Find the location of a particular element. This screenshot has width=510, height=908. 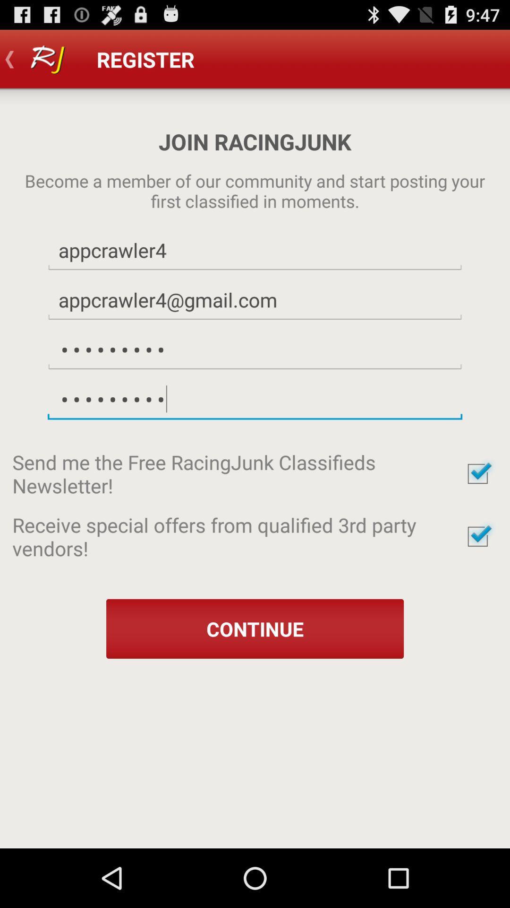

tick it if you want to receive special offers is located at coordinates (477, 536).